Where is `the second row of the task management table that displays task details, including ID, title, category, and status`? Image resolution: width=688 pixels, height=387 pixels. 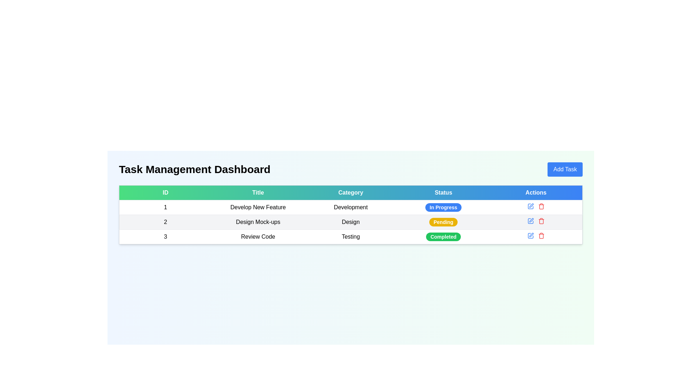
the second row of the task management table that displays task details, including ID, title, category, and status is located at coordinates (351, 222).